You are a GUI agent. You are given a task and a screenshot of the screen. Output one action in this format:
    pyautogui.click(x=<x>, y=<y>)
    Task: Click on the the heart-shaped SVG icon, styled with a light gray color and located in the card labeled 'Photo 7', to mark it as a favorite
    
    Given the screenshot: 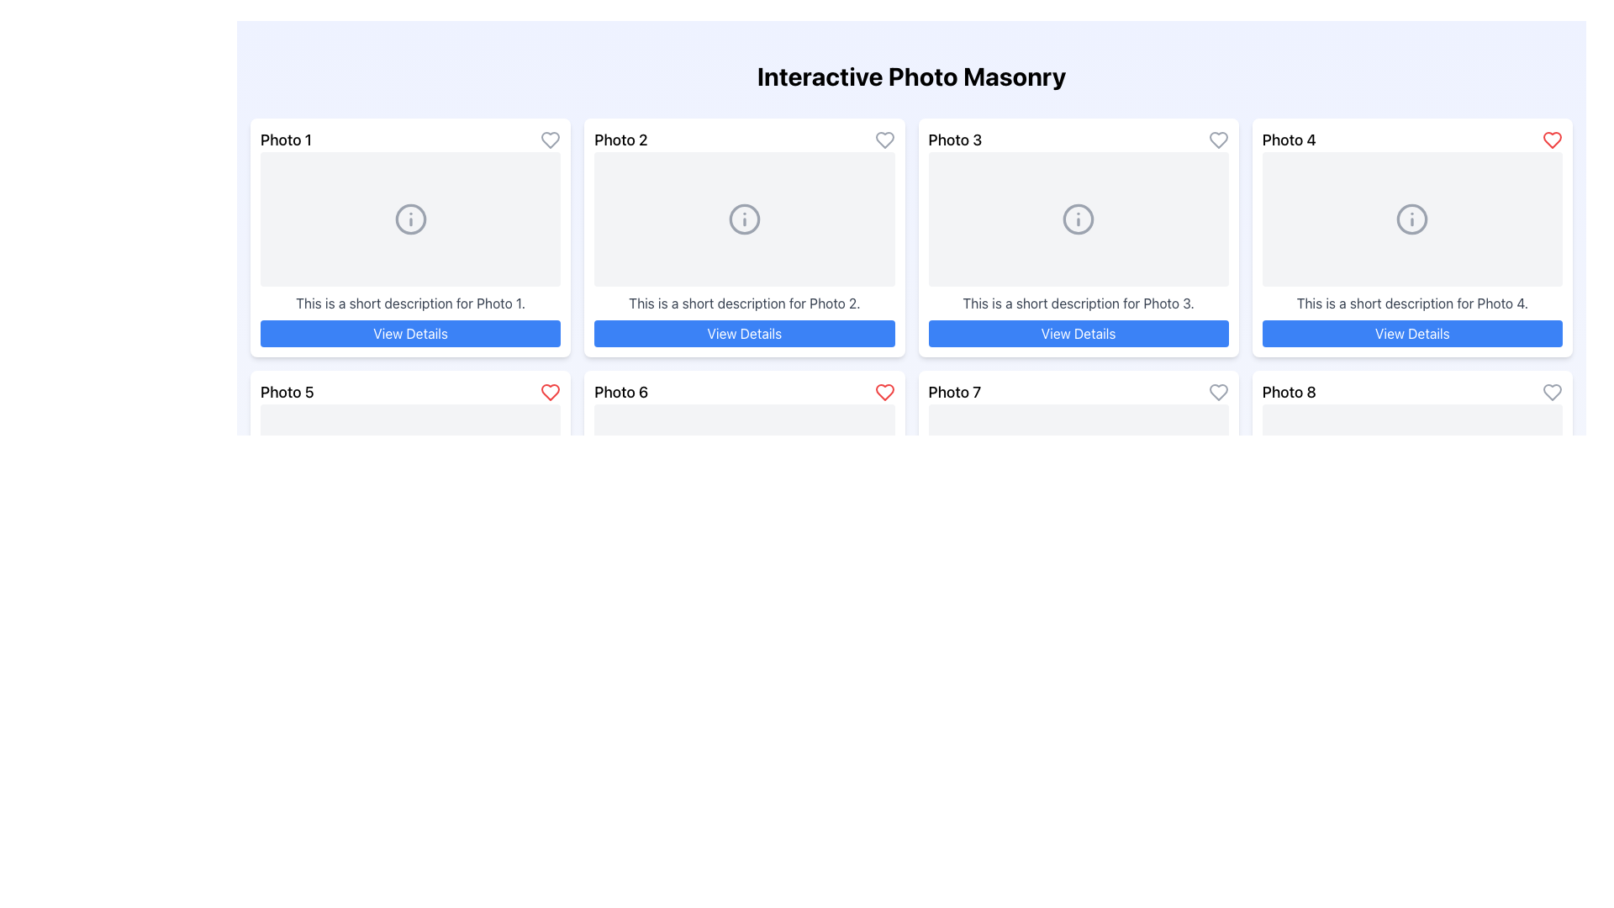 What is the action you would take?
    pyautogui.click(x=1218, y=392)
    